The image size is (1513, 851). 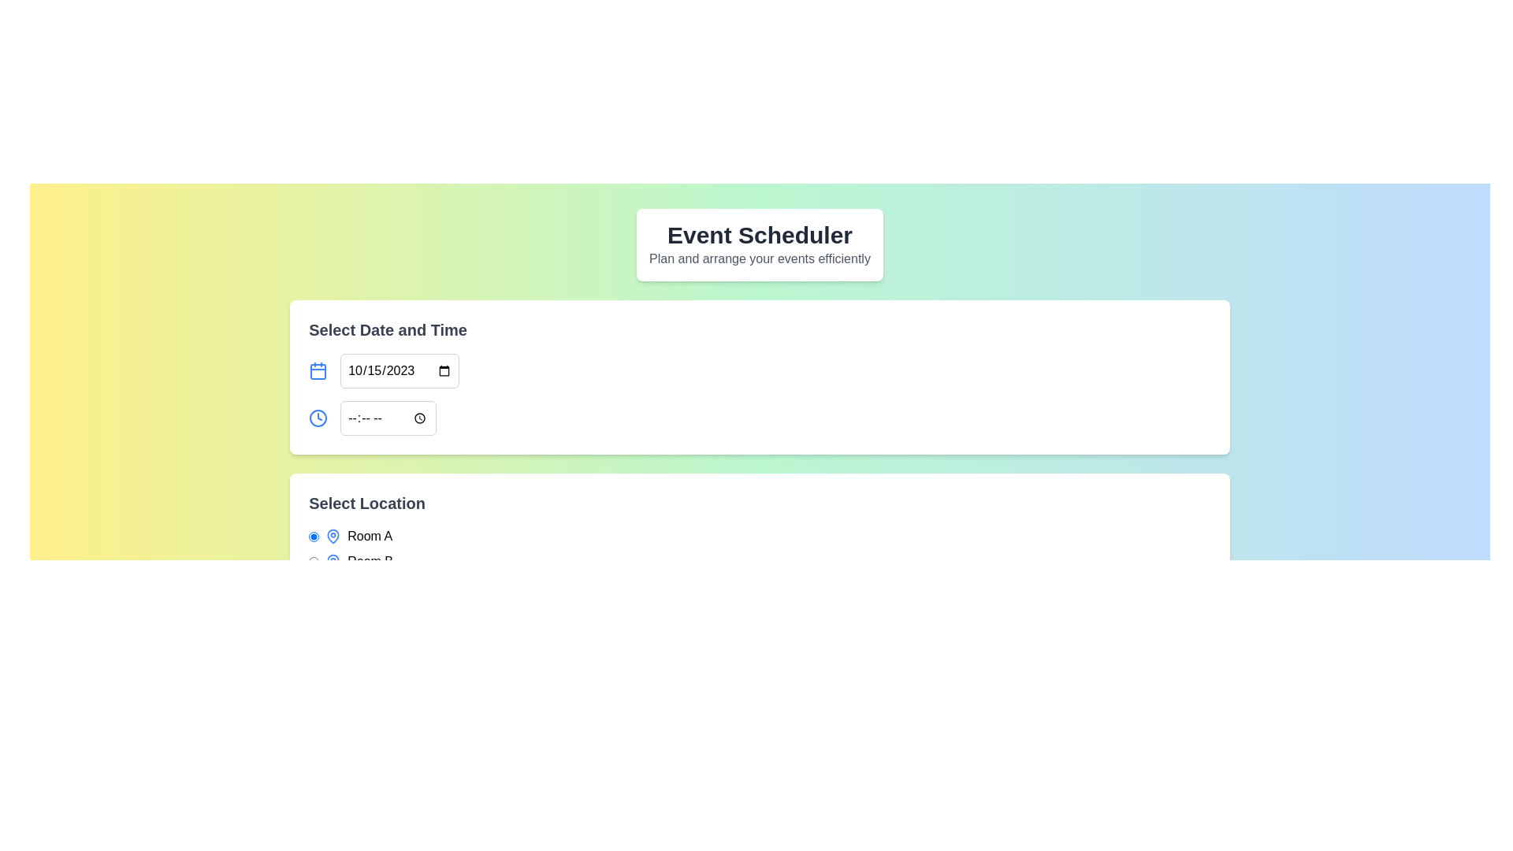 I want to click on a date using the visual date picker in the Date input field, which is initialized with the value '2023-10-15' and located between the blue and black calendar icons, so click(x=384, y=370).